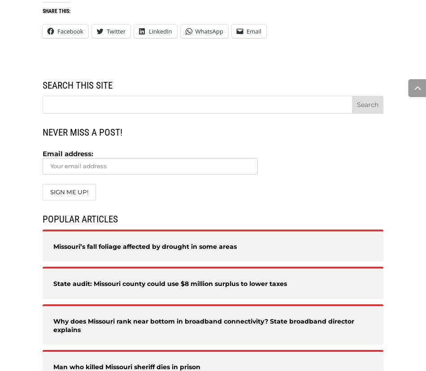 The height and width of the screenshot is (371, 426). Describe the element at coordinates (43, 219) in the screenshot. I see `'Popular Articles'` at that location.